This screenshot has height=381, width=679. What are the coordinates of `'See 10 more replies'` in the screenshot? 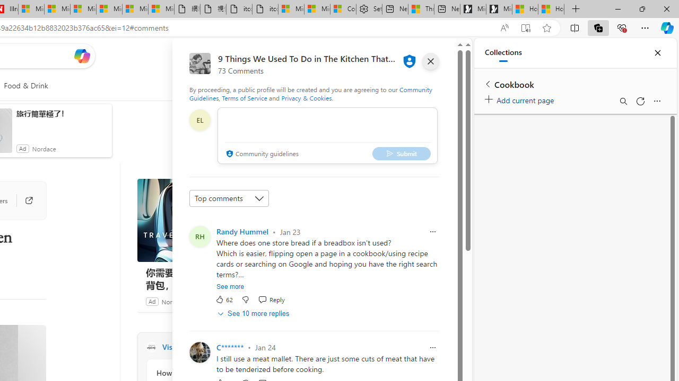 It's located at (255, 313).